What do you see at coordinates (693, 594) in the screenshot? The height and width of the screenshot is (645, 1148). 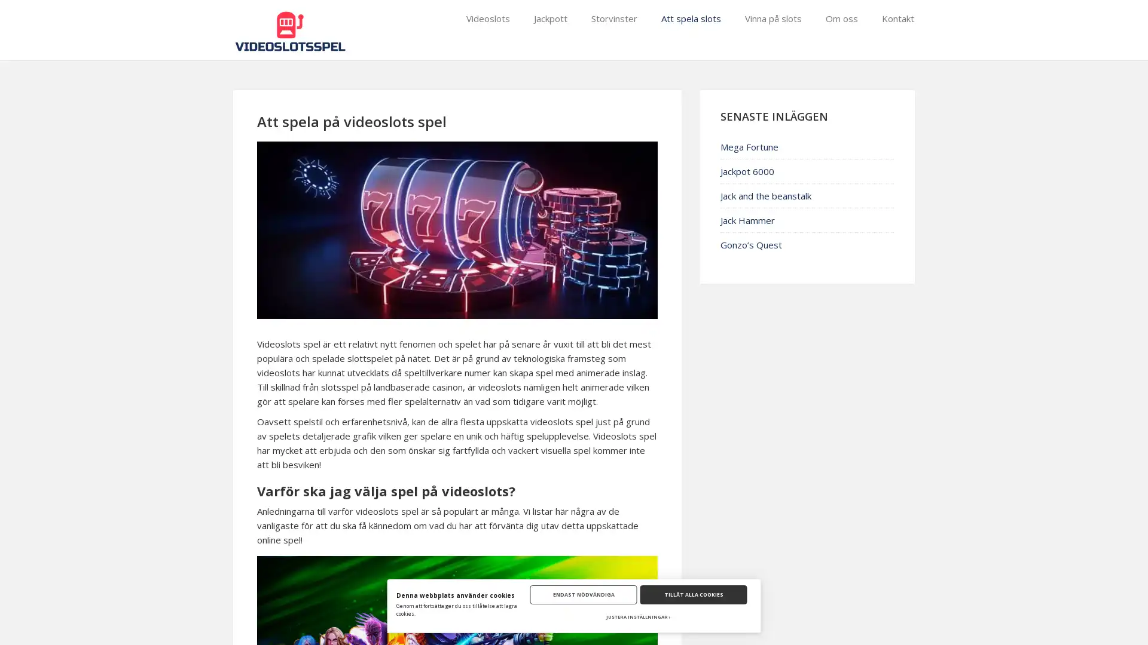 I see `TILLAT ALLA COOKIES` at bounding box center [693, 594].